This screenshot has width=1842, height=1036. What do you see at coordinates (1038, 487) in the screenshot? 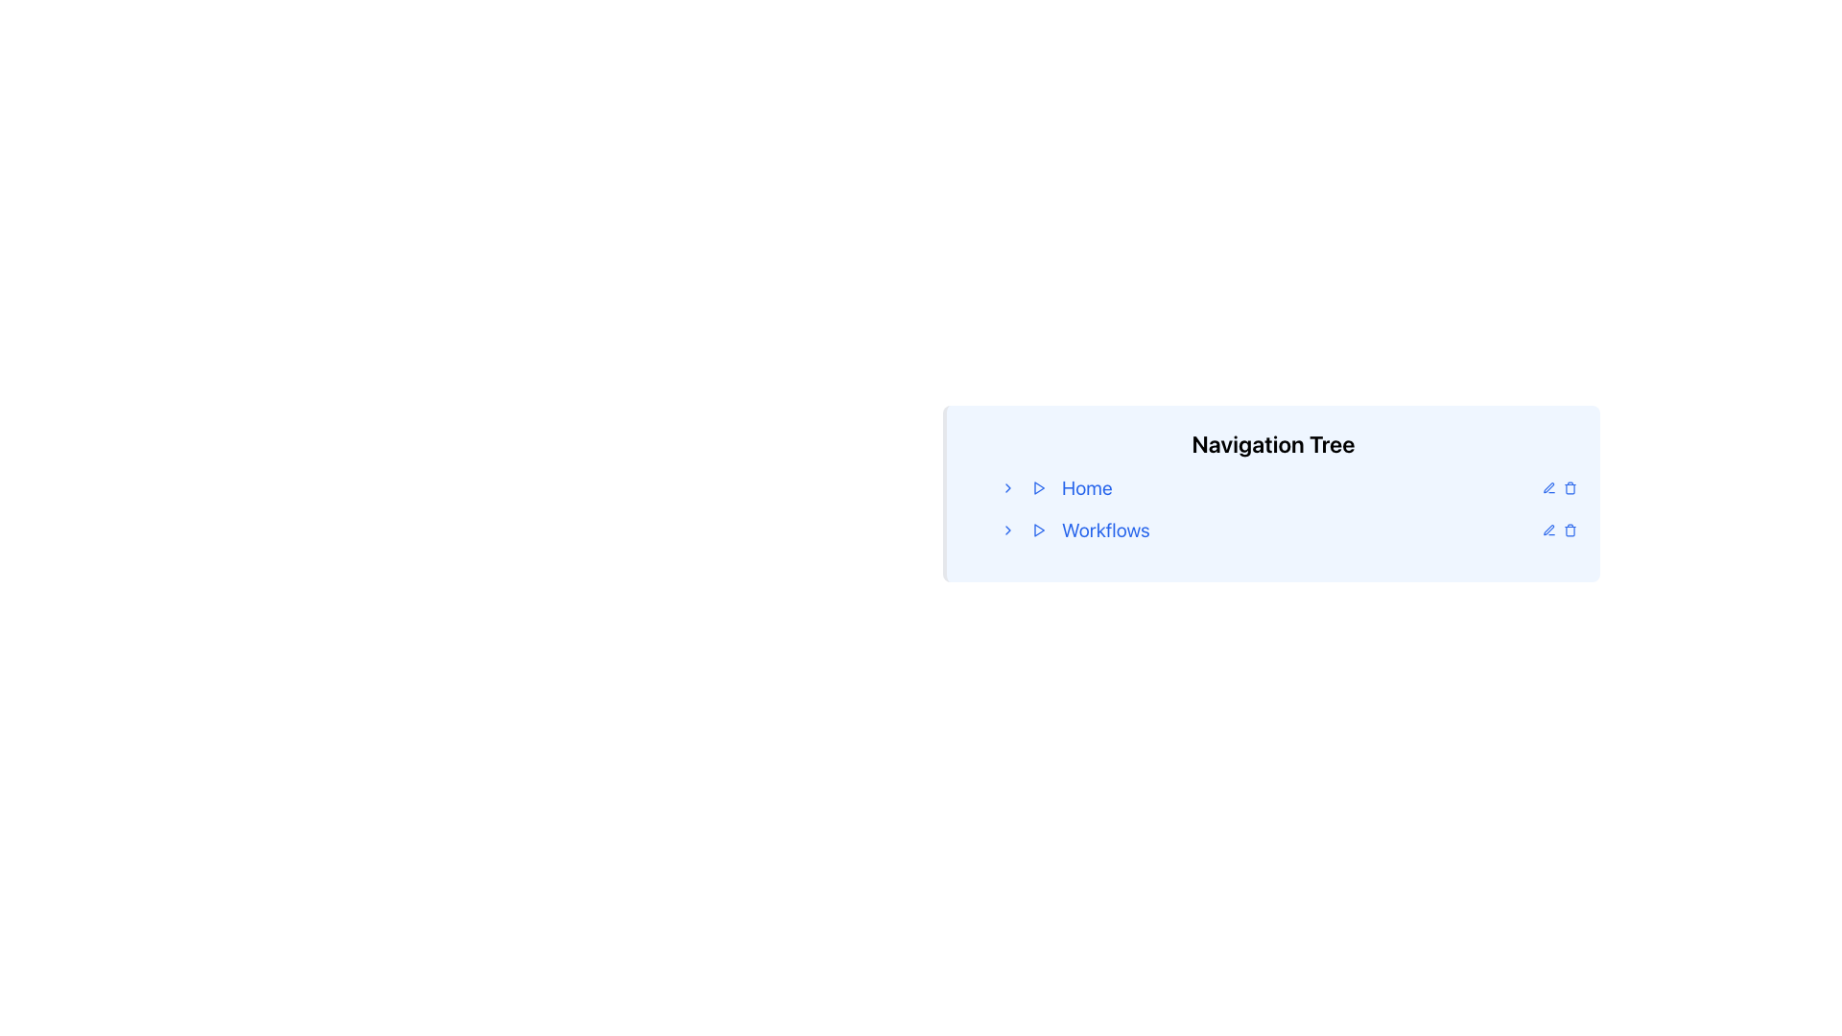
I see `the 'play' icon located next to the 'Home' text in the 'Navigation Tree' section` at bounding box center [1038, 487].